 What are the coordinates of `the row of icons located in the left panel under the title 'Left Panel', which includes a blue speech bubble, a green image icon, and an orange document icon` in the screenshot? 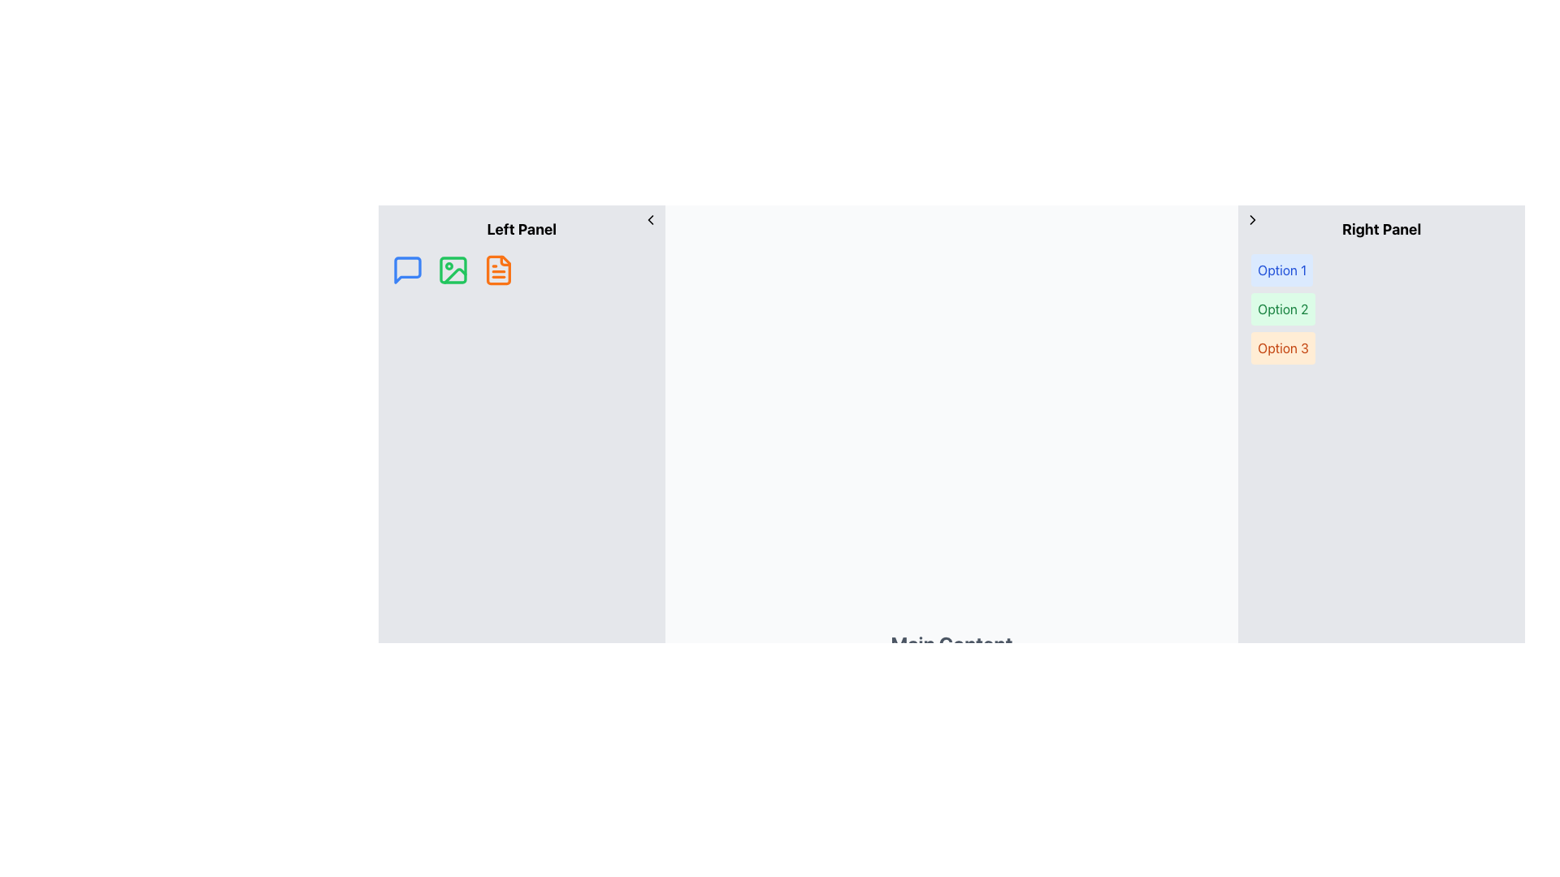 It's located at (522, 269).